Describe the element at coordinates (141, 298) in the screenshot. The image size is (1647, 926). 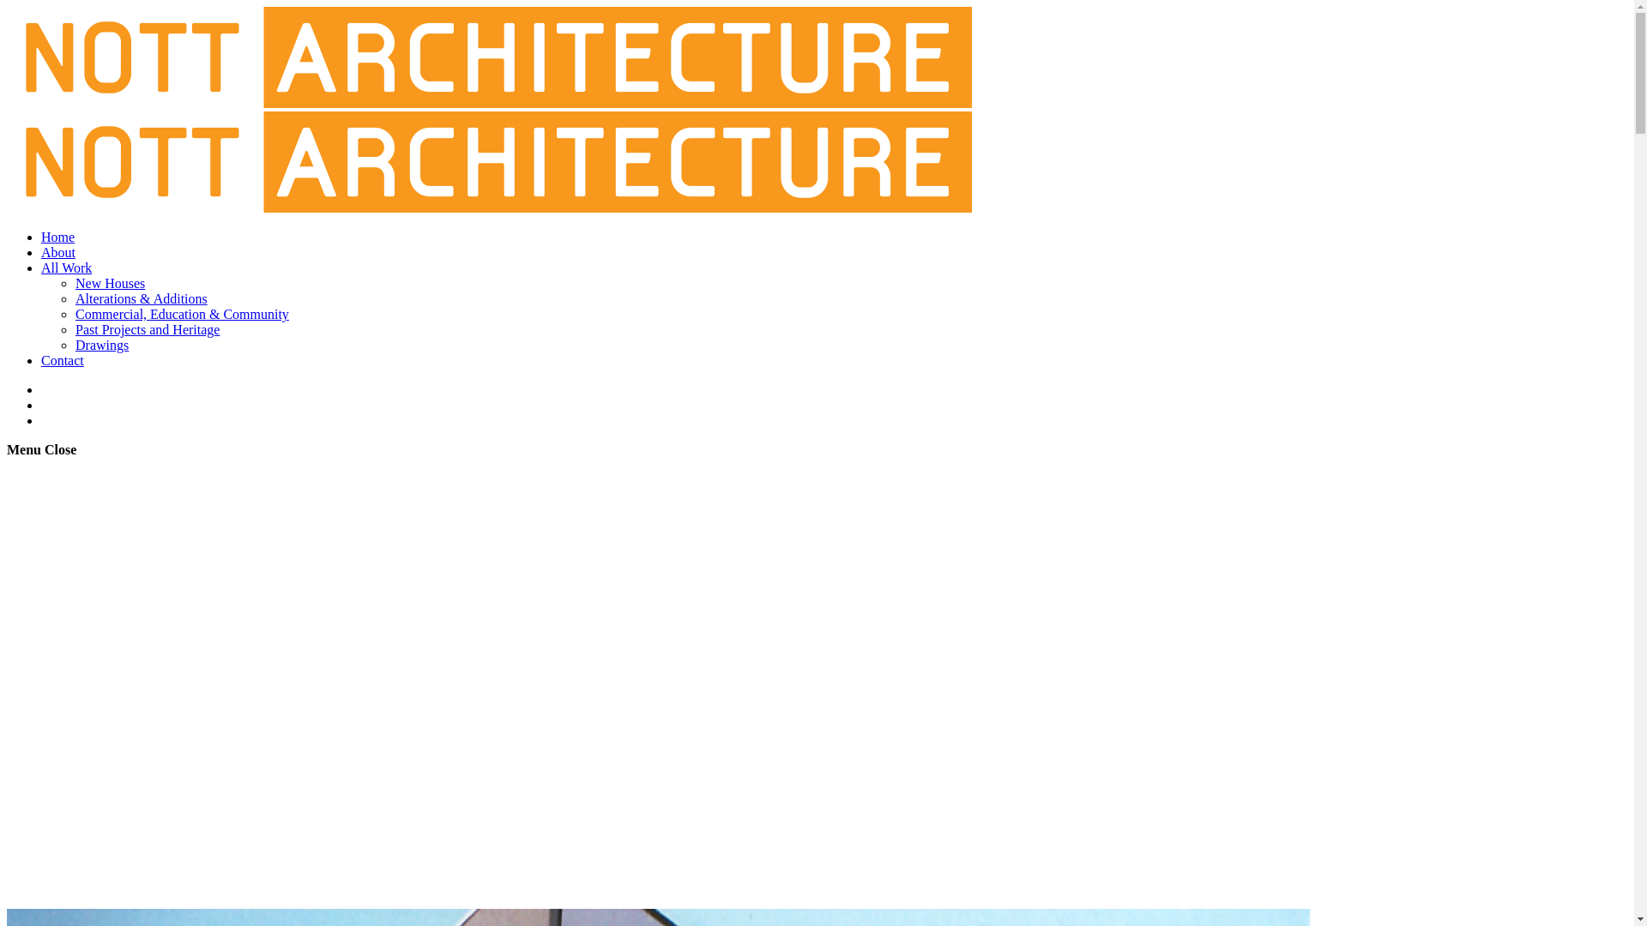
I see `'Alterations & Additions'` at that location.